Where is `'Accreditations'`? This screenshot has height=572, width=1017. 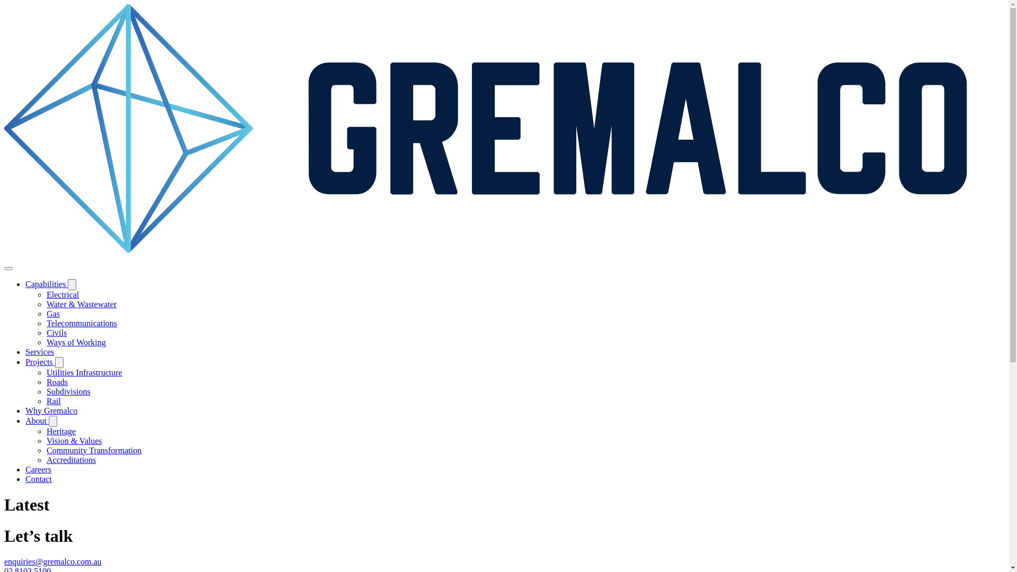
'Accreditations' is located at coordinates (70, 459).